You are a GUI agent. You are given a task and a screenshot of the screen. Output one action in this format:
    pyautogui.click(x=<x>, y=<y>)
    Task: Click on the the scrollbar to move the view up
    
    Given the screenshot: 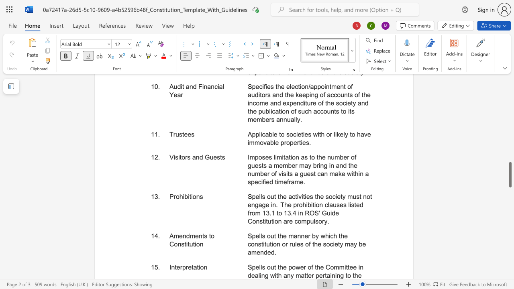 What is the action you would take?
    pyautogui.click(x=510, y=197)
    